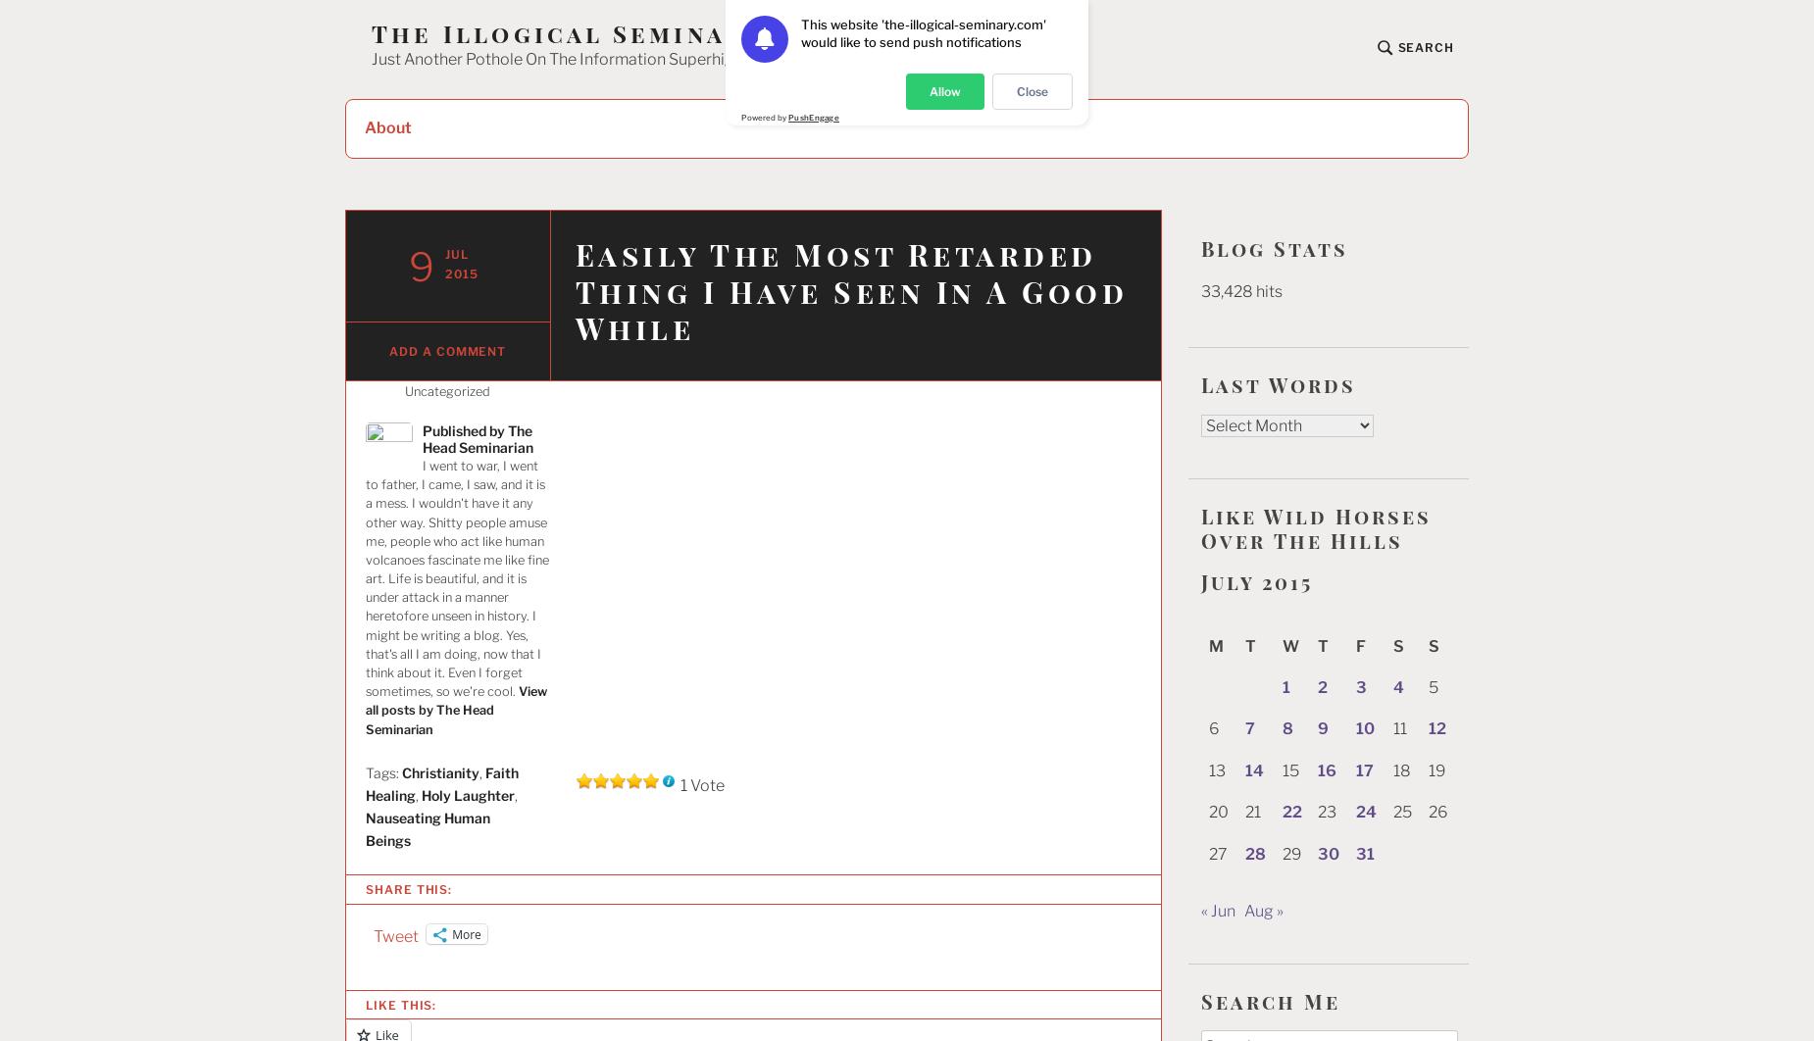 The image size is (1814, 1041). What do you see at coordinates (441, 782) in the screenshot?
I see `'Faith Healing'` at bounding box center [441, 782].